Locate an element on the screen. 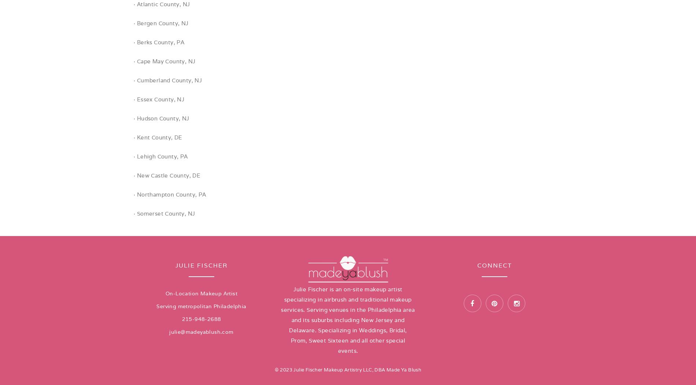 The height and width of the screenshot is (385, 696). '· Essex County, NJ' is located at coordinates (158, 99).